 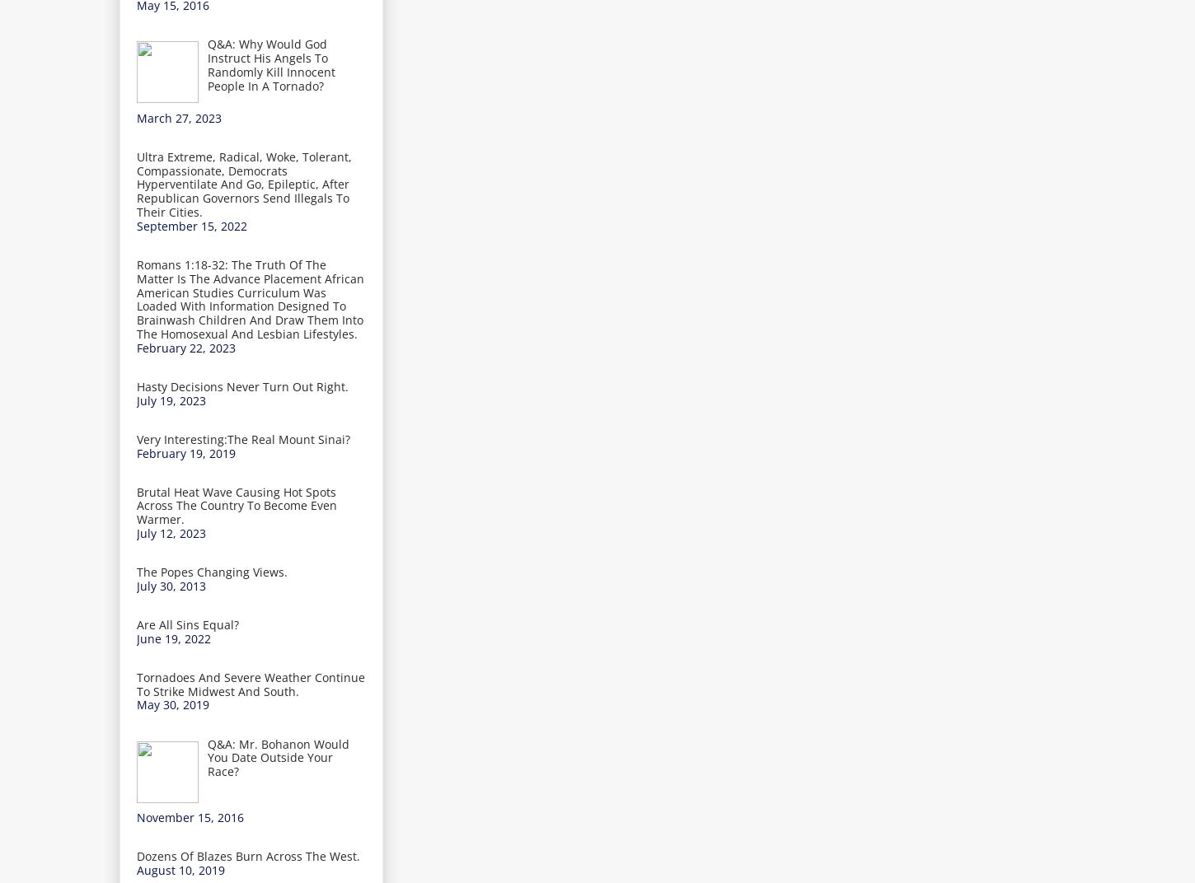 I want to click on 'February 22, 2023', so click(x=136, y=346).